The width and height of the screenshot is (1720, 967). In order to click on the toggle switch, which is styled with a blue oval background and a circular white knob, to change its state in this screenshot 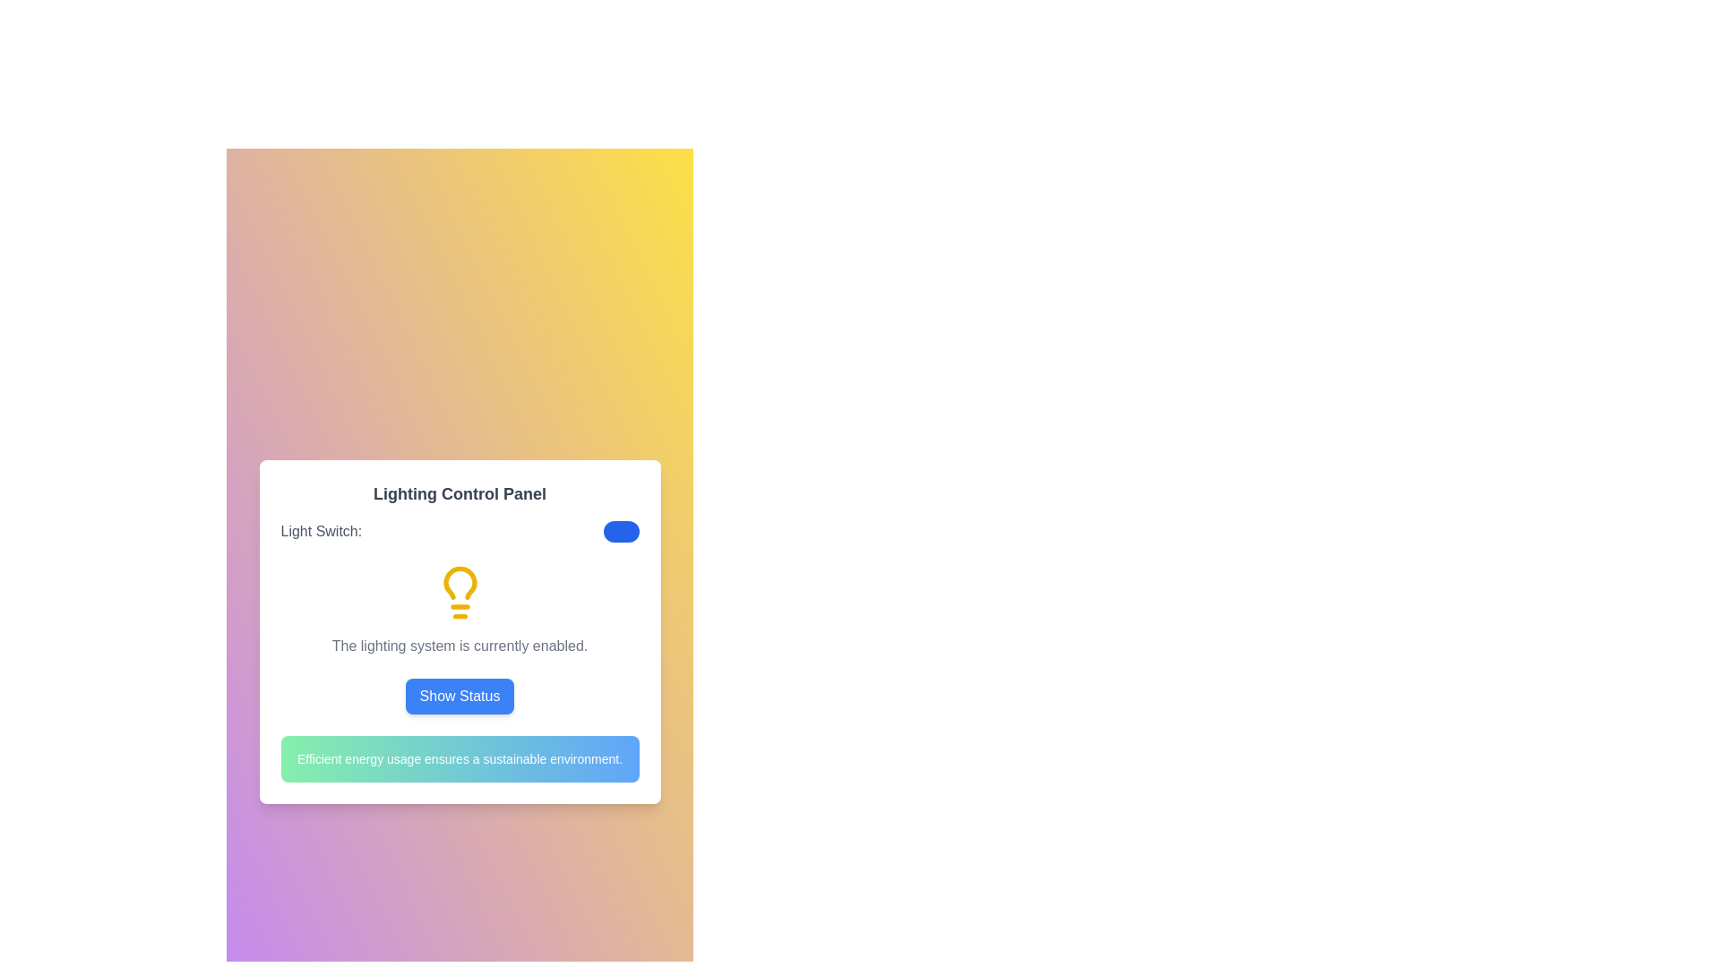, I will do `click(621, 531)`.